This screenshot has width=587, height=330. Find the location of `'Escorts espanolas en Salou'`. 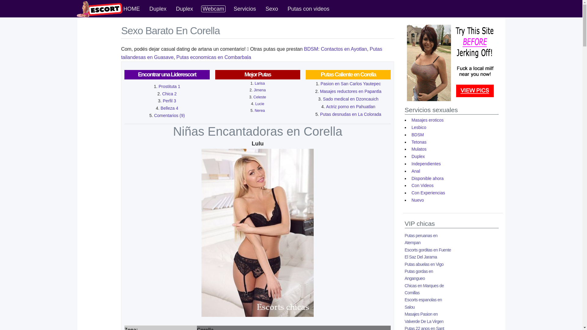

'Escorts espanolas en Salou' is located at coordinates (423, 303).